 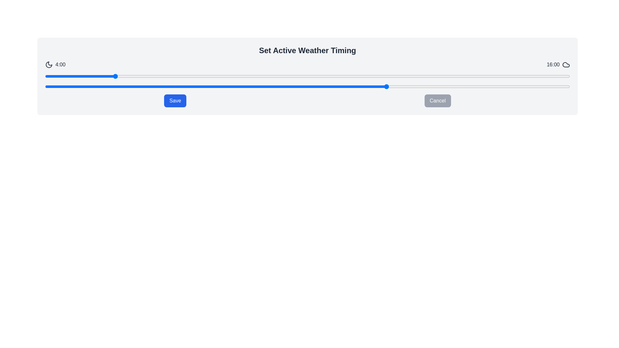 What do you see at coordinates (49, 64) in the screenshot?
I see `the nighttime icon located near the left edge of the horizontal slider, adjacent to the time label '4:00'` at bounding box center [49, 64].